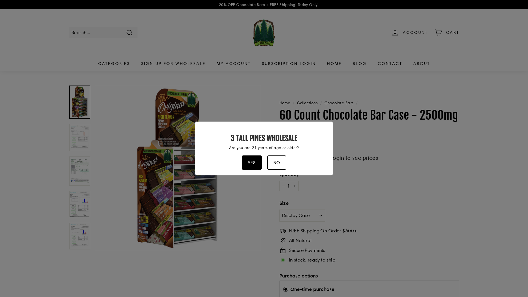  I want to click on 'Chocolate Bars', so click(339, 103).